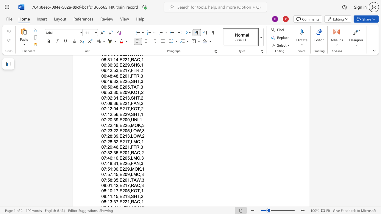 The height and width of the screenshot is (214, 381). What do you see at coordinates (122, 152) in the screenshot?
I see `the subset text "201,RAC" within the text "07:32:35,E201,RAC,2"` at bounding box center [122, 152].